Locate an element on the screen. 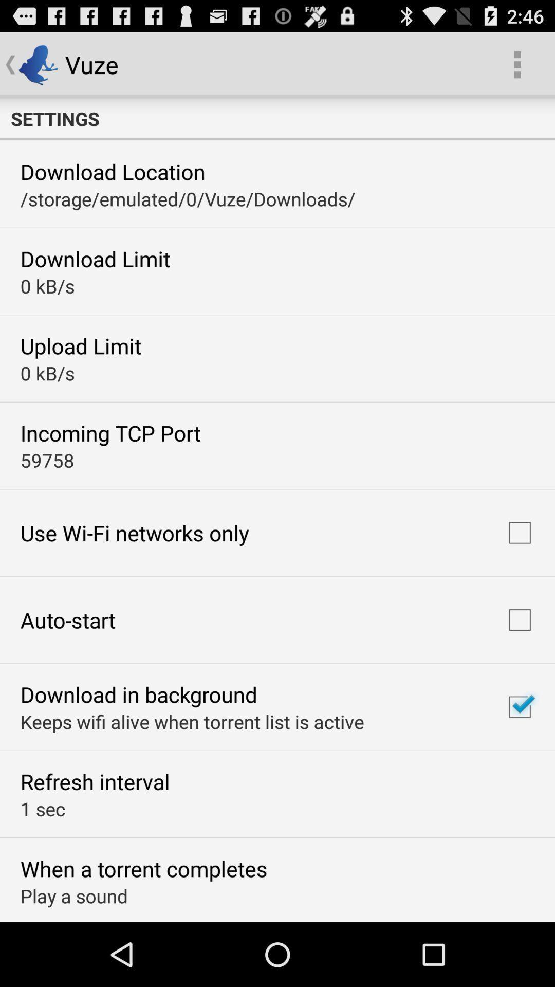  the download location item is located at coordinates (113, 171).